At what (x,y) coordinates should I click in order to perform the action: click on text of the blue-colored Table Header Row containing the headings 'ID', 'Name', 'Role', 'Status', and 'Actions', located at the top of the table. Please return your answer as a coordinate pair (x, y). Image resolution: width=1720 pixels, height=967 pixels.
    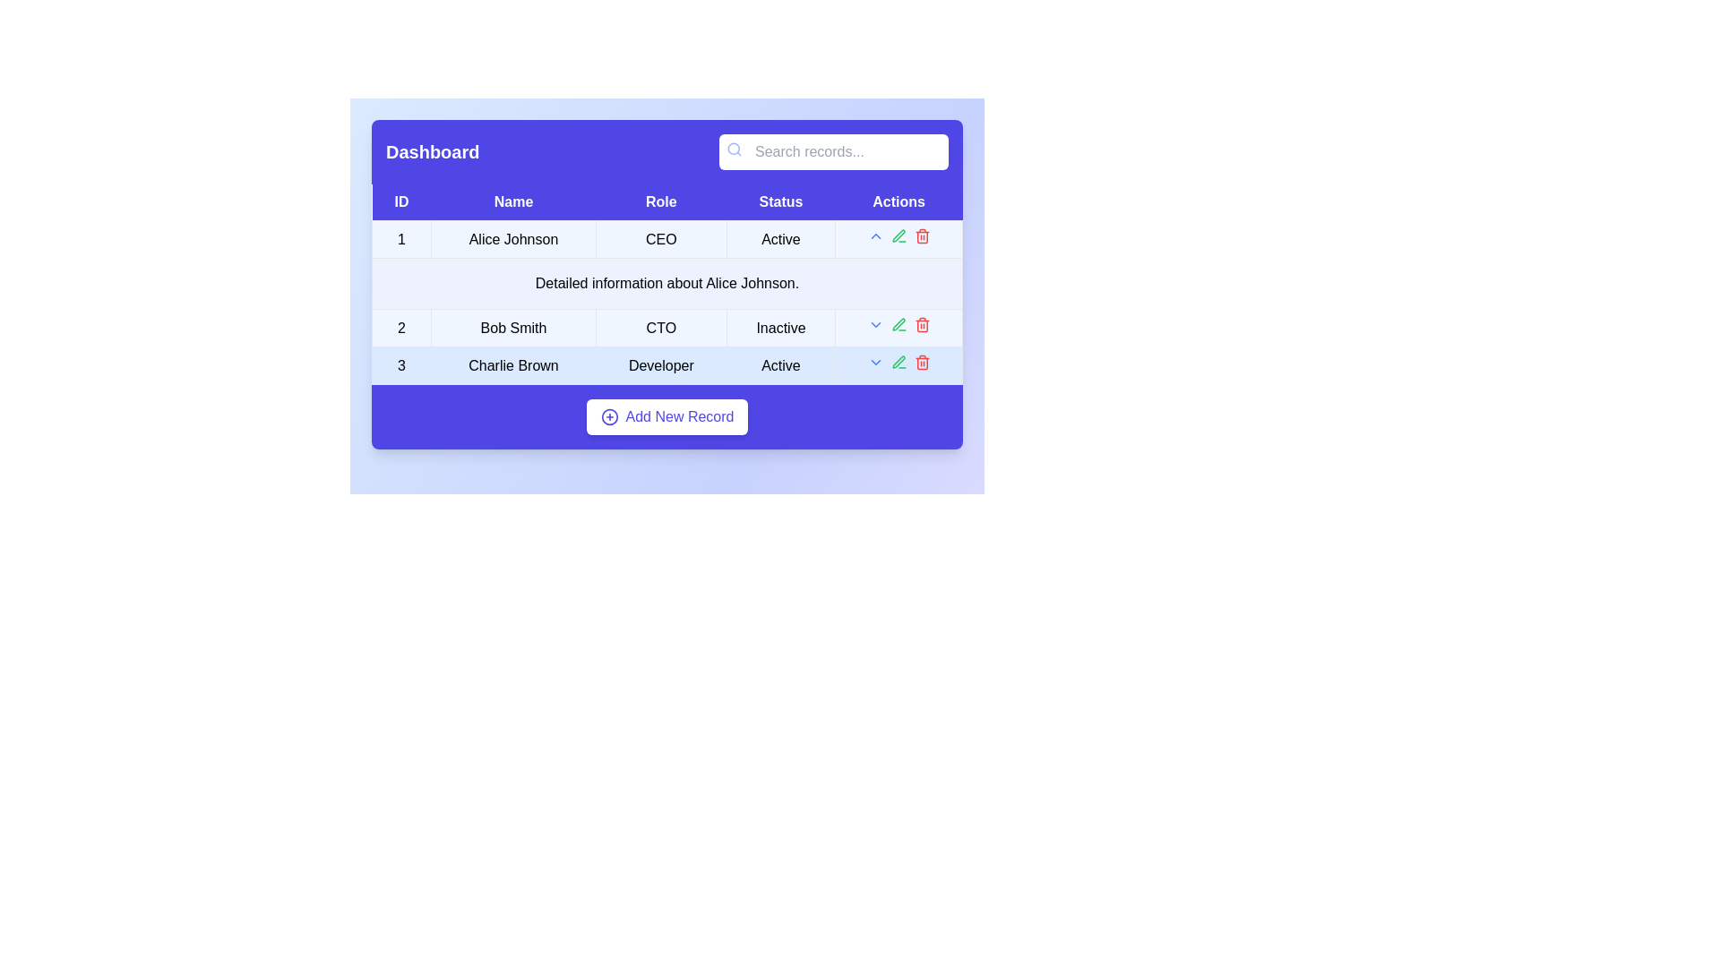
    Looking at the image, I should click on (666, 201).